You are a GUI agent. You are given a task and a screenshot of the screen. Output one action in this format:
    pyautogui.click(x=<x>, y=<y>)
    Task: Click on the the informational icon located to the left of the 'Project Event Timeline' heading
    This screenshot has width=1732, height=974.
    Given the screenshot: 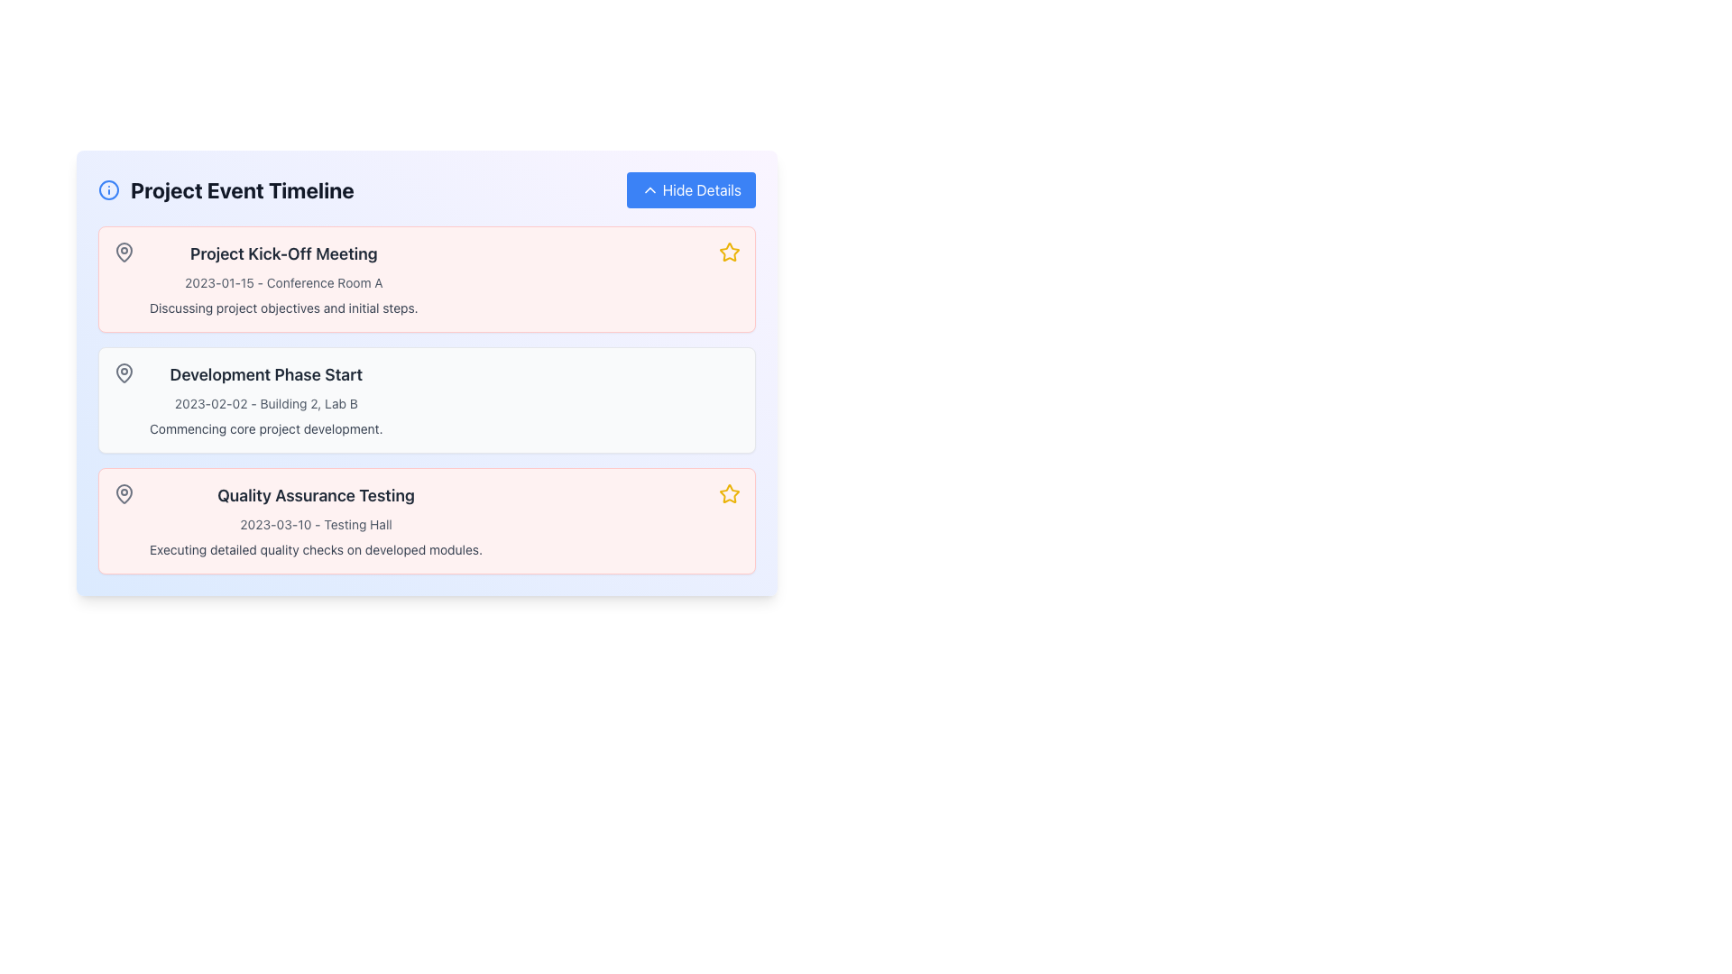 What is the action you would take?
    pyautogui.click(x=107, y=190)
    